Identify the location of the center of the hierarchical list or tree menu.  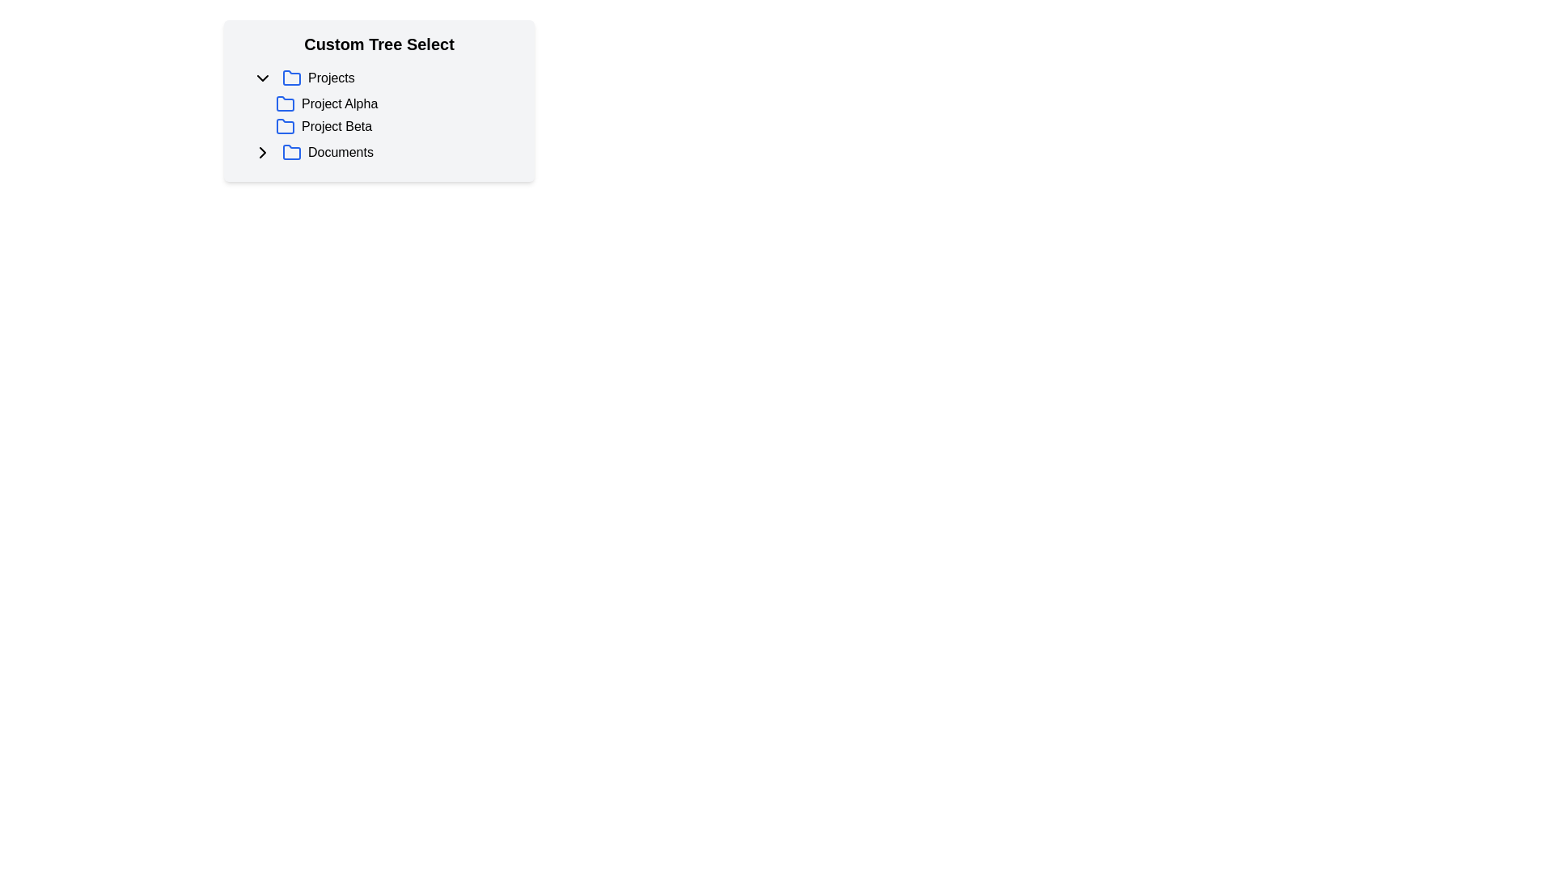
(379, 99).